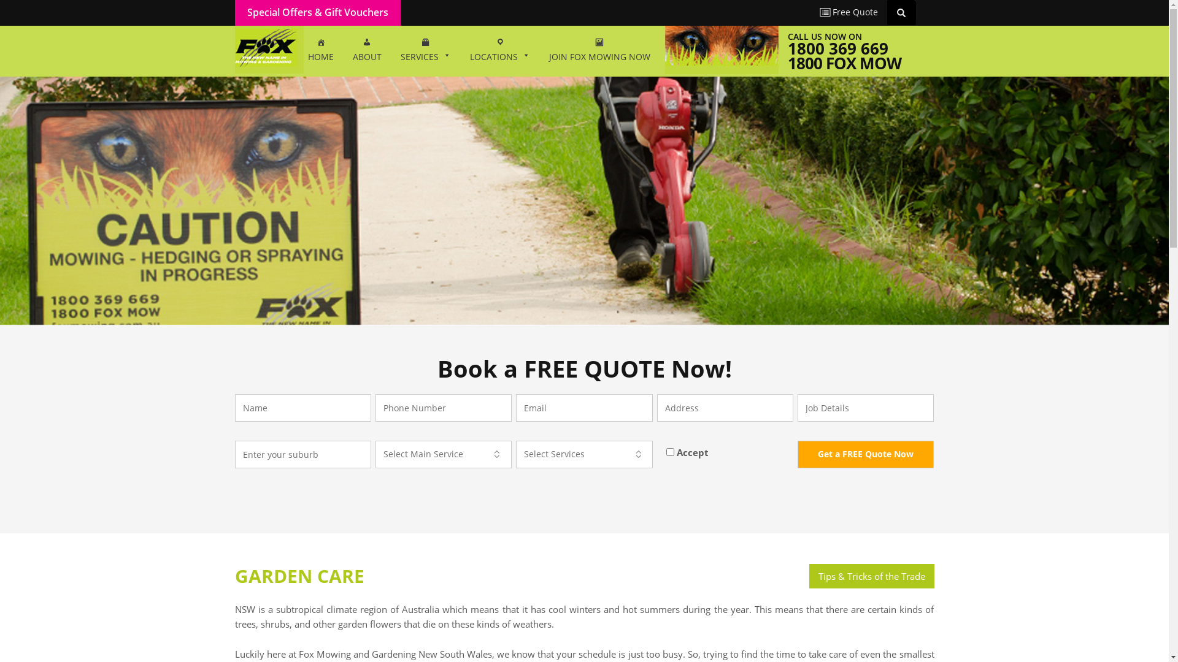 The height and width of the screenshot is (662, 1178). What do you see at coordinates (426, 50) in the screenshot?
I see `'SERVICES'` at bounding box center [426, 50].